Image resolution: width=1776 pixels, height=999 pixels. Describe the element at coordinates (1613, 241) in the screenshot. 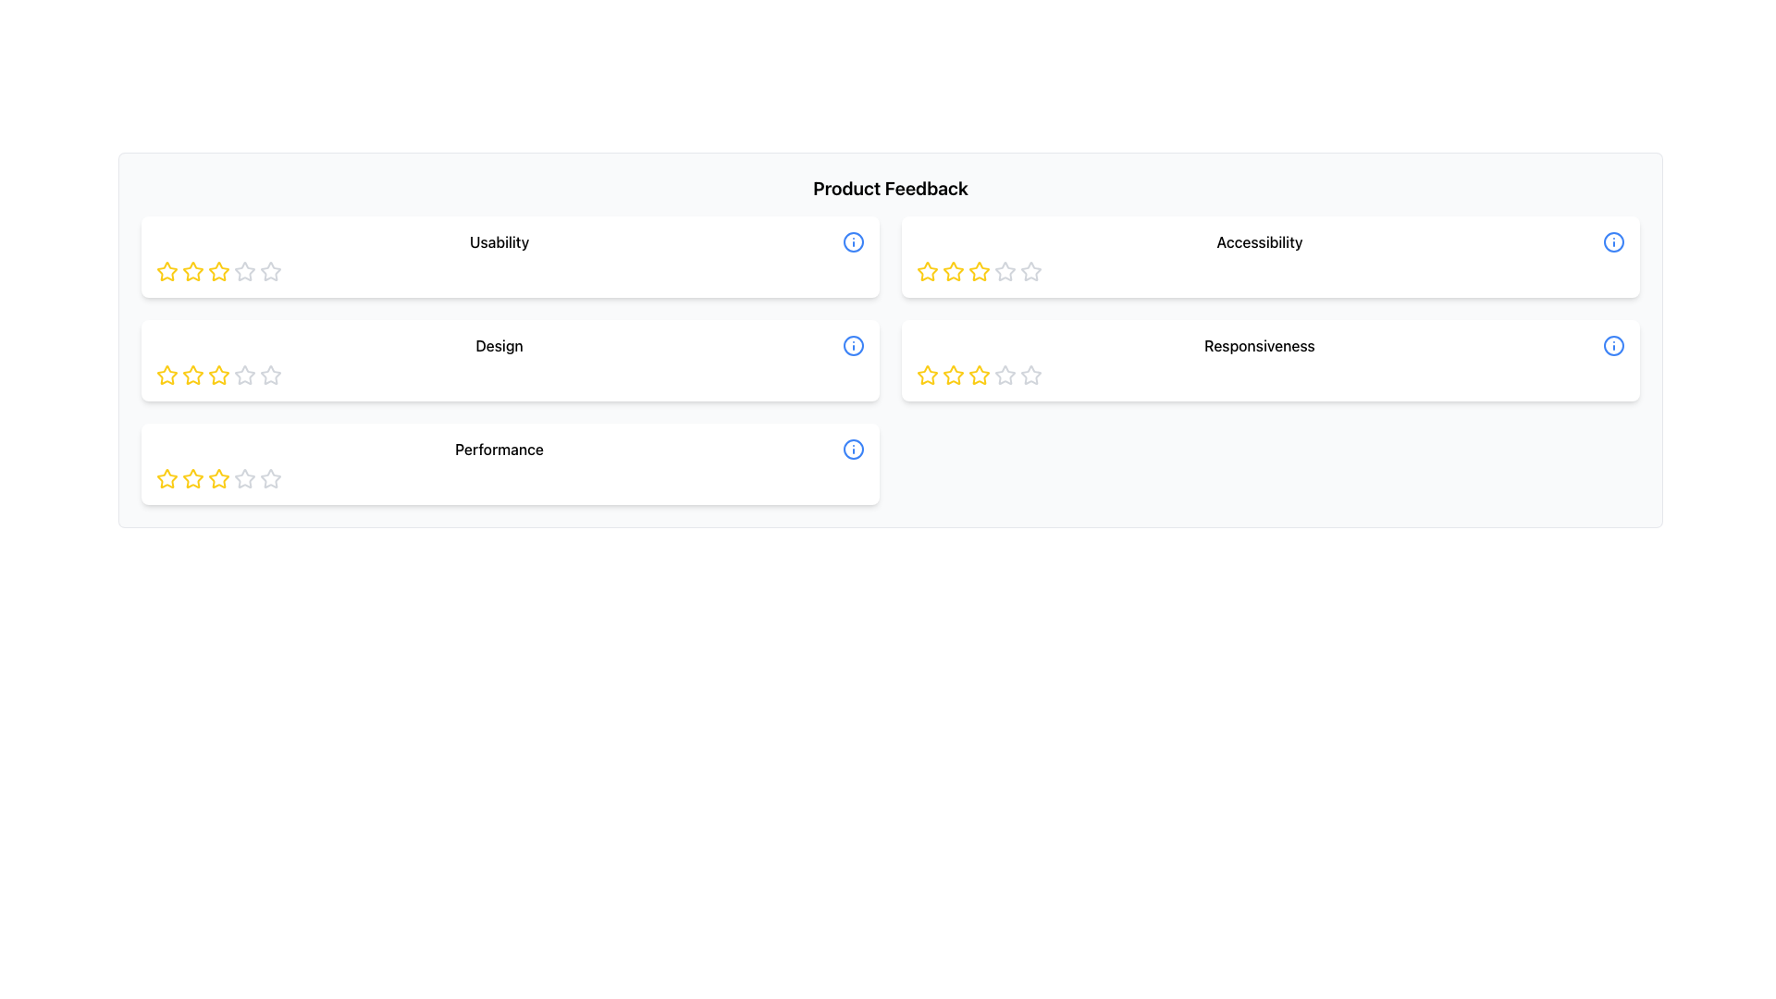

I see `the circular outline of the information icon located to the right of the 'Accessibility' label` at that location.